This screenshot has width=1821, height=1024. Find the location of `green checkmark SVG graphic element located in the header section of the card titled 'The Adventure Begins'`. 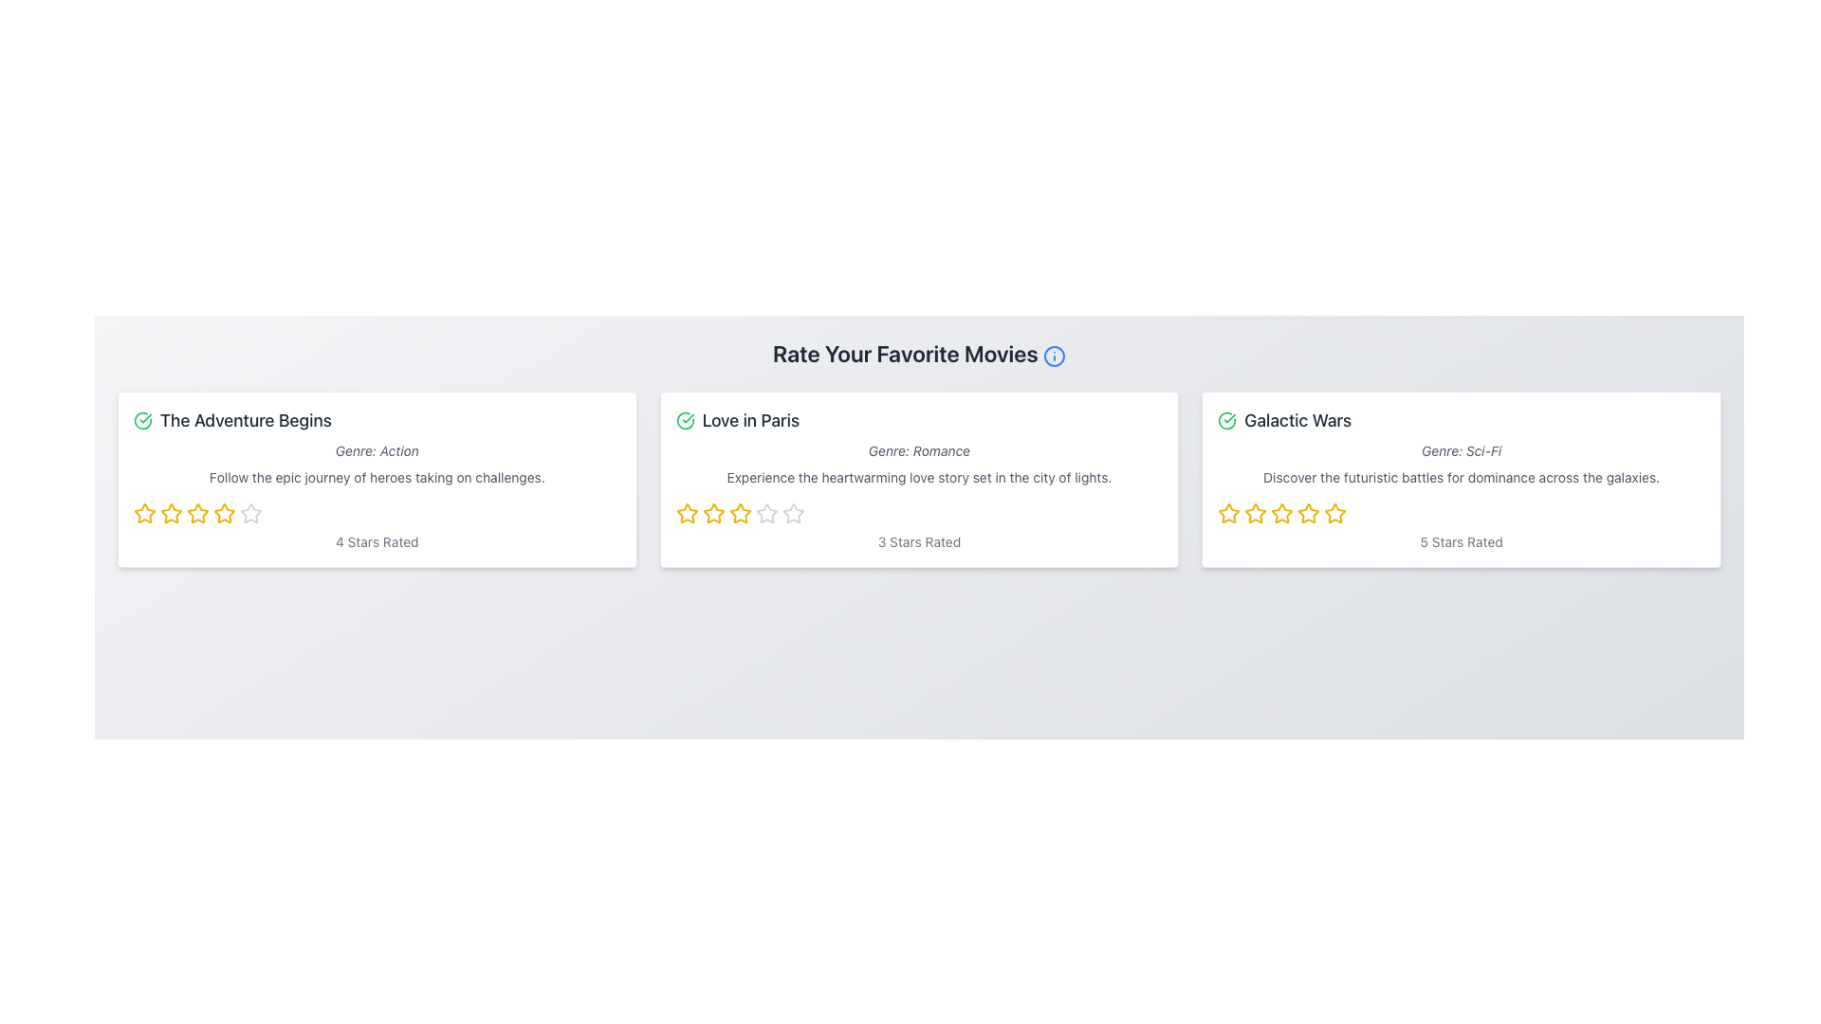

green checkmark SVG graphic element located in the header section of the card titled 'The Adventure Begins' is located at coordinates (141, 419).